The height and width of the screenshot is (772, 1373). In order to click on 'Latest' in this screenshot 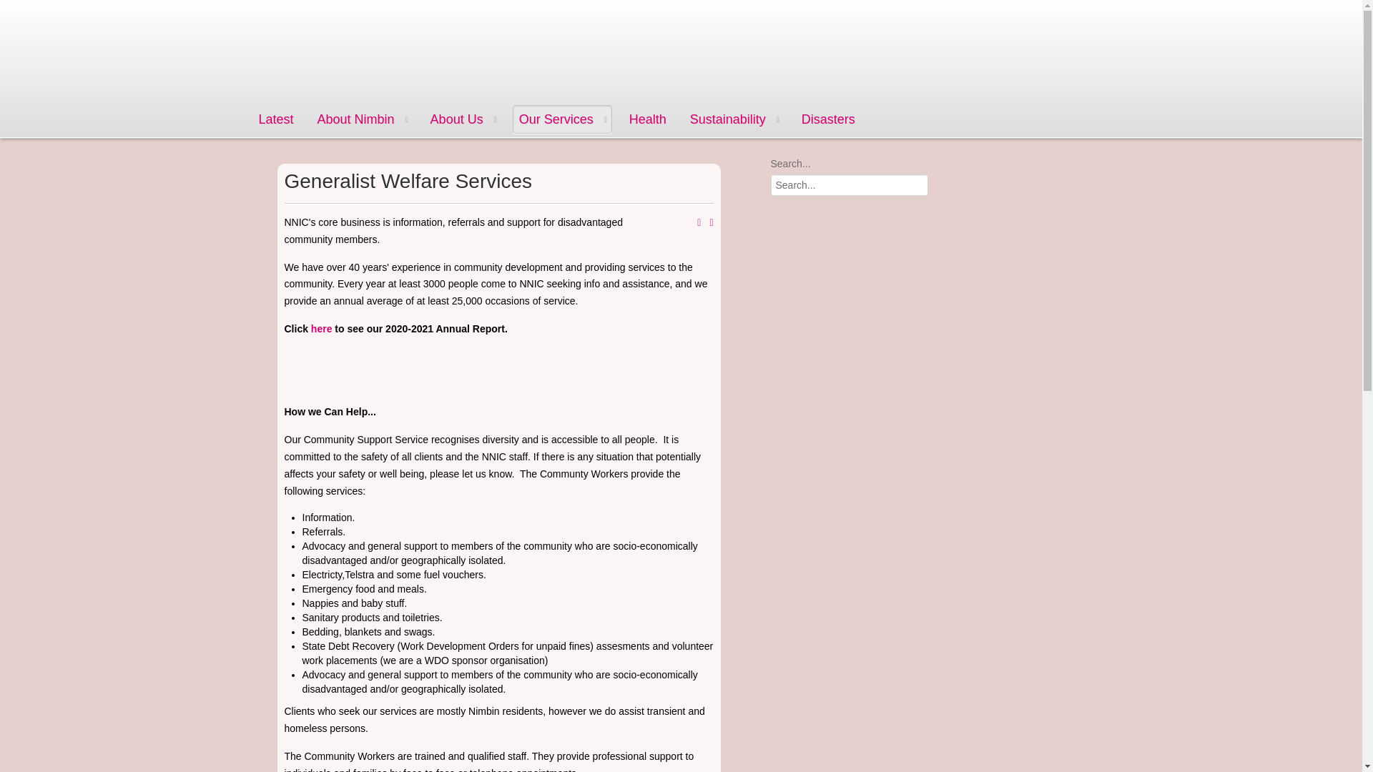, I will do `click(253, 118)`.